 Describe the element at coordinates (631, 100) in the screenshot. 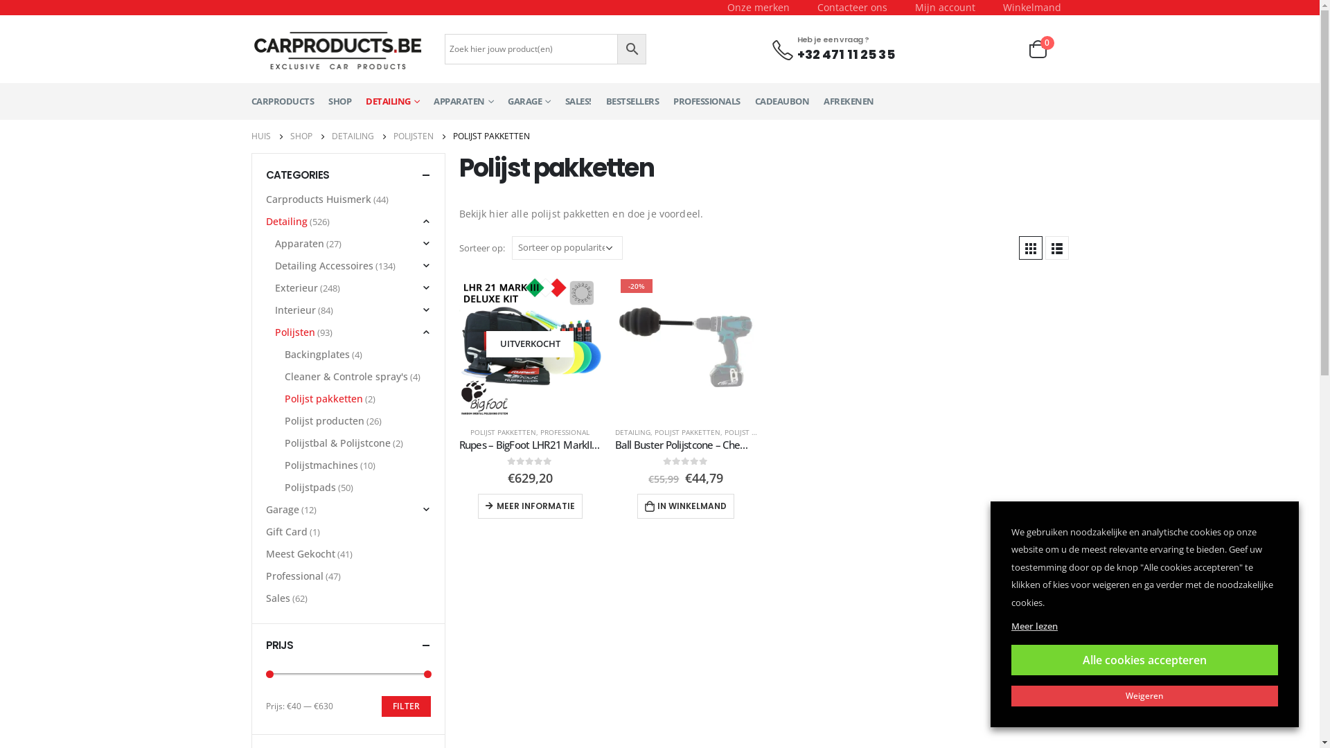

I see `'BESTSELLERS'` at that location.